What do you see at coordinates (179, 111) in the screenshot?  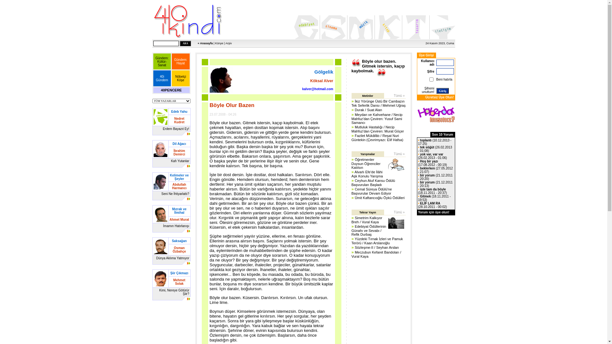 I see `'Edeb Yahu'` at bounding box center [179, 111].